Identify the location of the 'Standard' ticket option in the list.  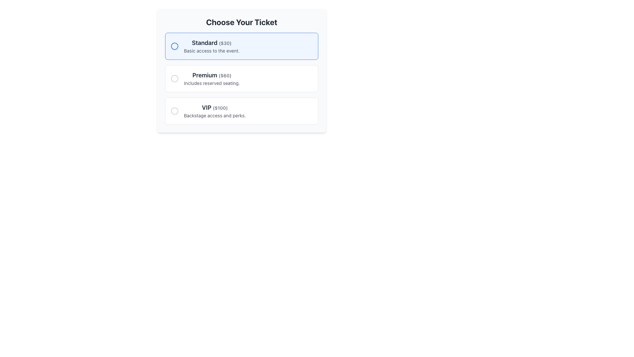
(241, 46).